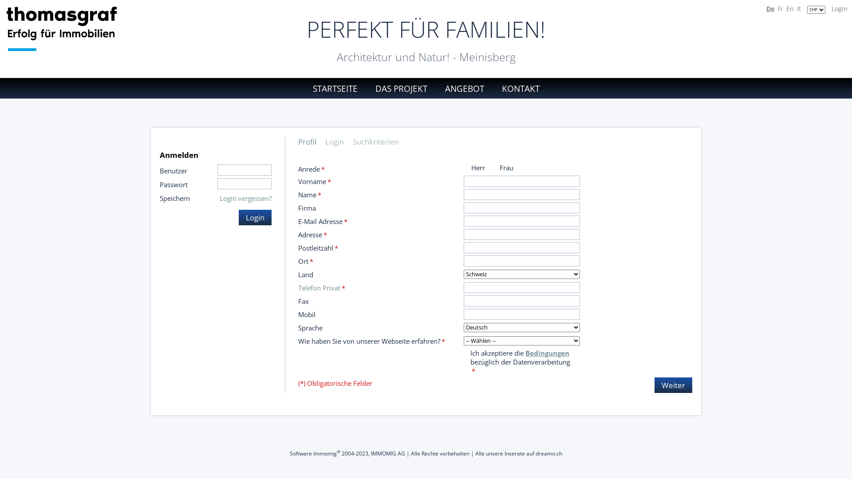  I want to click on 'submit', so click(10, 4).